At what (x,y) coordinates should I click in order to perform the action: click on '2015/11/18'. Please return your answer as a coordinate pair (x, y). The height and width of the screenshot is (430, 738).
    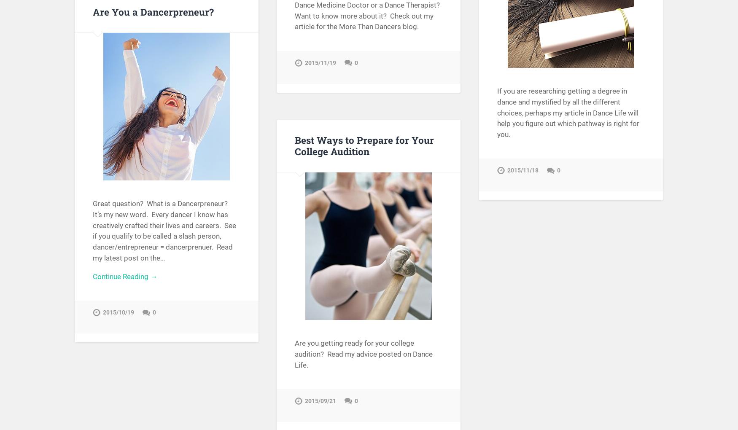
    Looking at the image, I should click on (523, 170).